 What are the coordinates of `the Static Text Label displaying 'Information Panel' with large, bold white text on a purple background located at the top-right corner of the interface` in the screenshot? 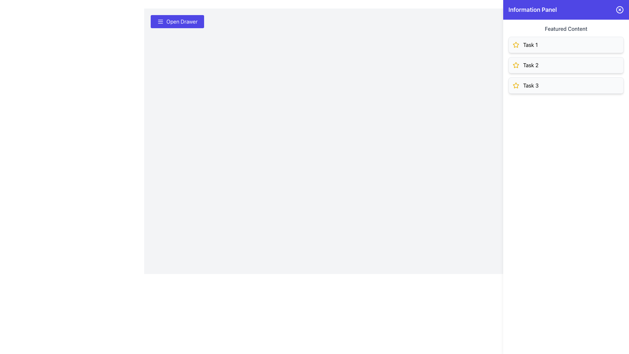 It's located at (532, 10).